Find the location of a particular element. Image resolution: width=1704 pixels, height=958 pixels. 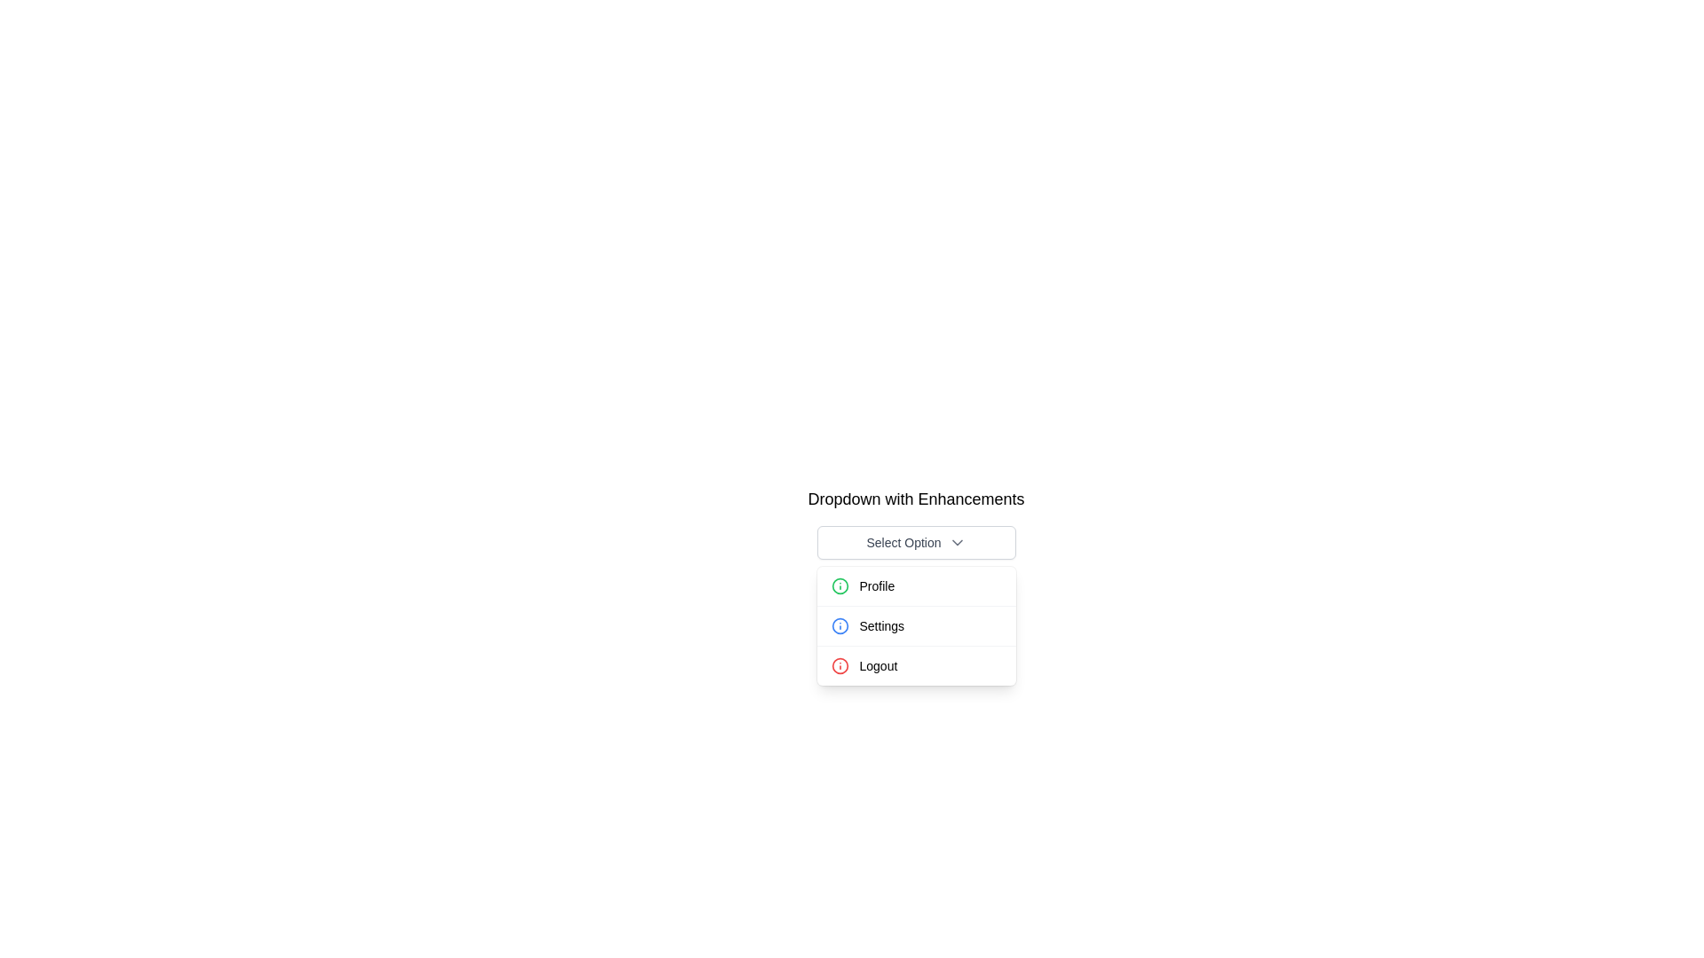

the 'Profile' text label within the dropdown menu under 'Select Option' is located at coordinates (877, 585).